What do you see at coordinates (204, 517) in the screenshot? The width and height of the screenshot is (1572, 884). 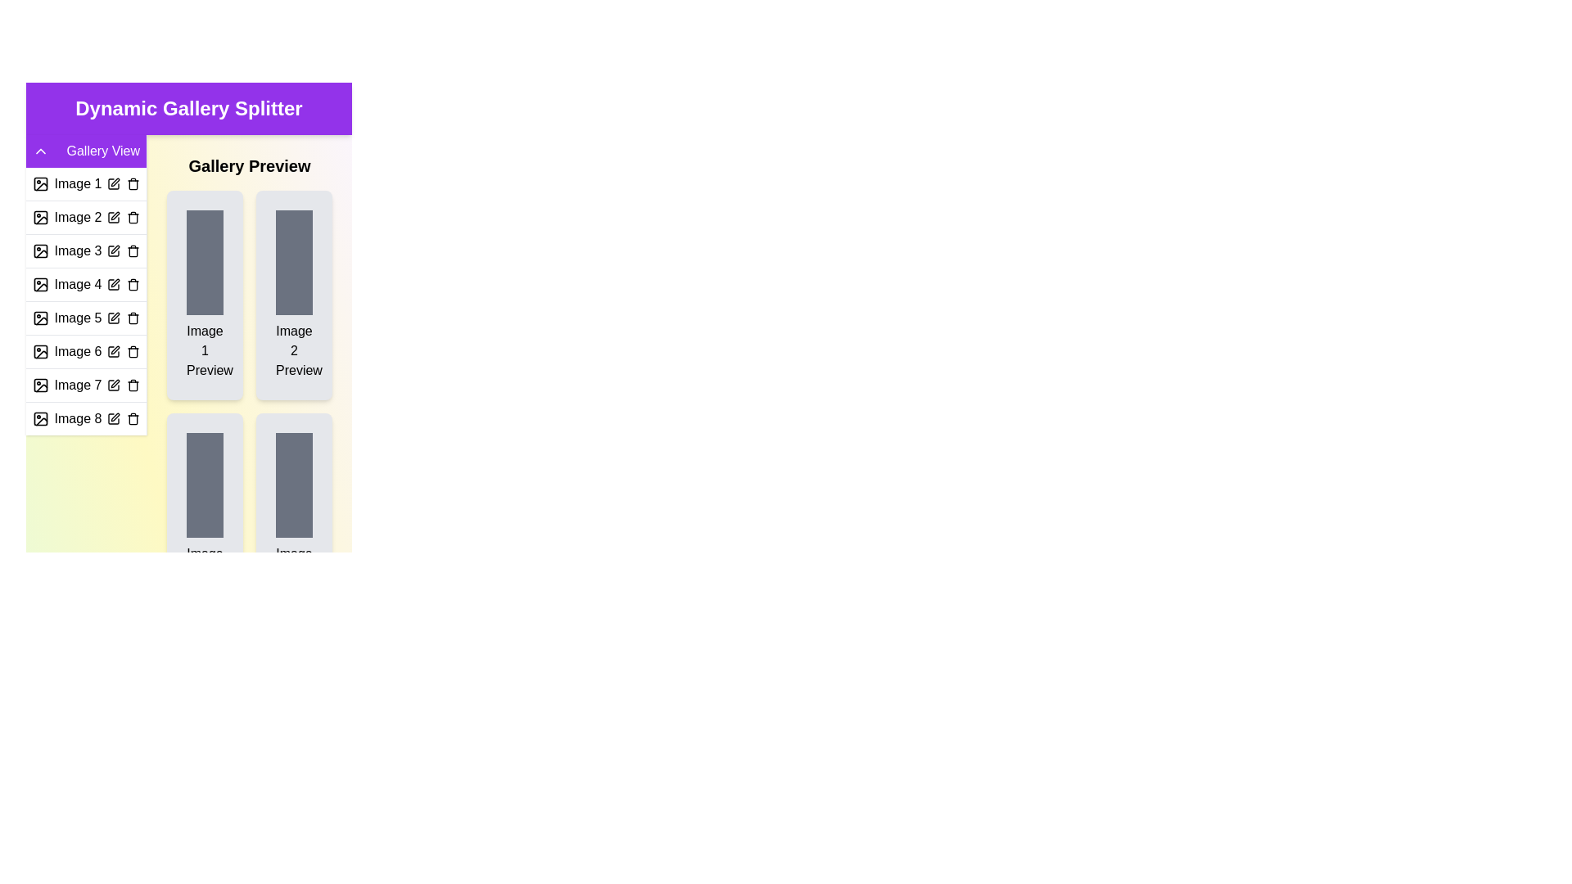 I see `to select the third image preview card in the gallery, which is located in the left column, third row, beneath 'Image 1 Preview' and 'Image 2 Preview'` at bounding box center [204, 517].